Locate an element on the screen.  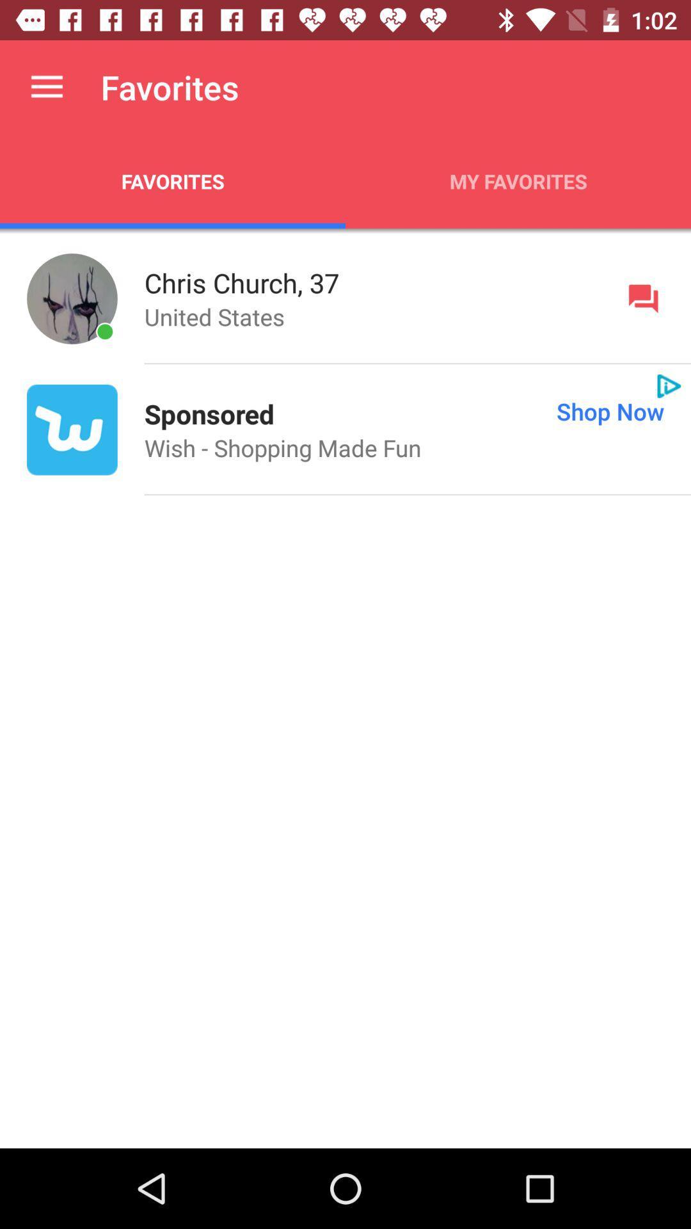
the icon above favorites is located at coordinates (46, 86).